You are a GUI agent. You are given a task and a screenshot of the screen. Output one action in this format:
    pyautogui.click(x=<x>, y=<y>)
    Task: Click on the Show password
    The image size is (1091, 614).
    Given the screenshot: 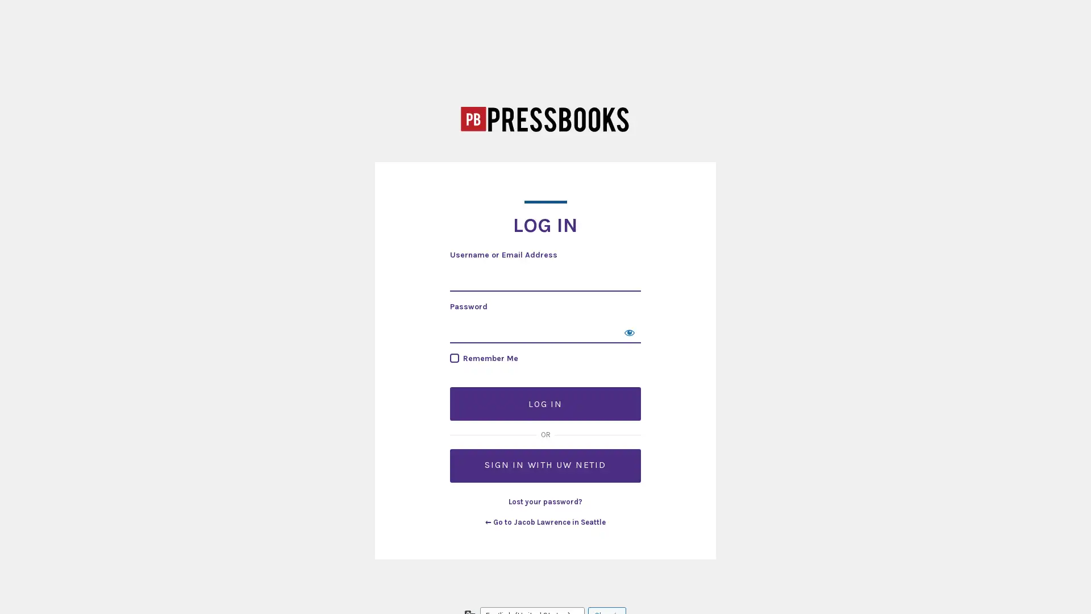 What is the action you would take?
    pyautogui.click(x=629, y=331)
    